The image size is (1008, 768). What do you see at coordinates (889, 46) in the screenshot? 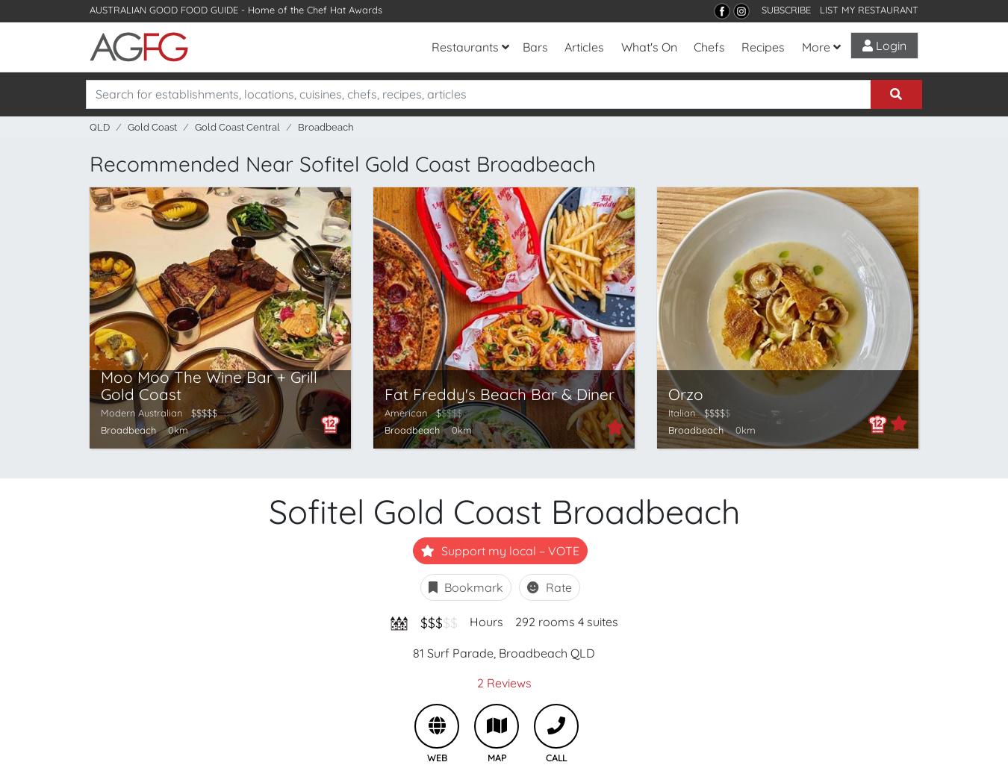
I see `'Login'` at bounding box center [889, 46].